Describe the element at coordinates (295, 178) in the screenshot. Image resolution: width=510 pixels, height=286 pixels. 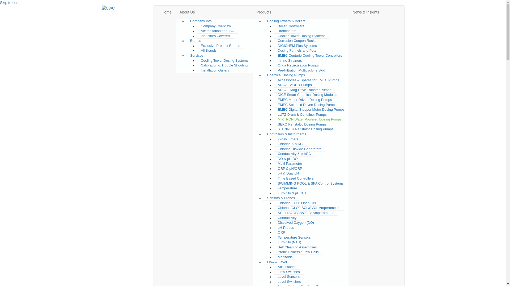
I see `'Time Based Controllers'` at that location.